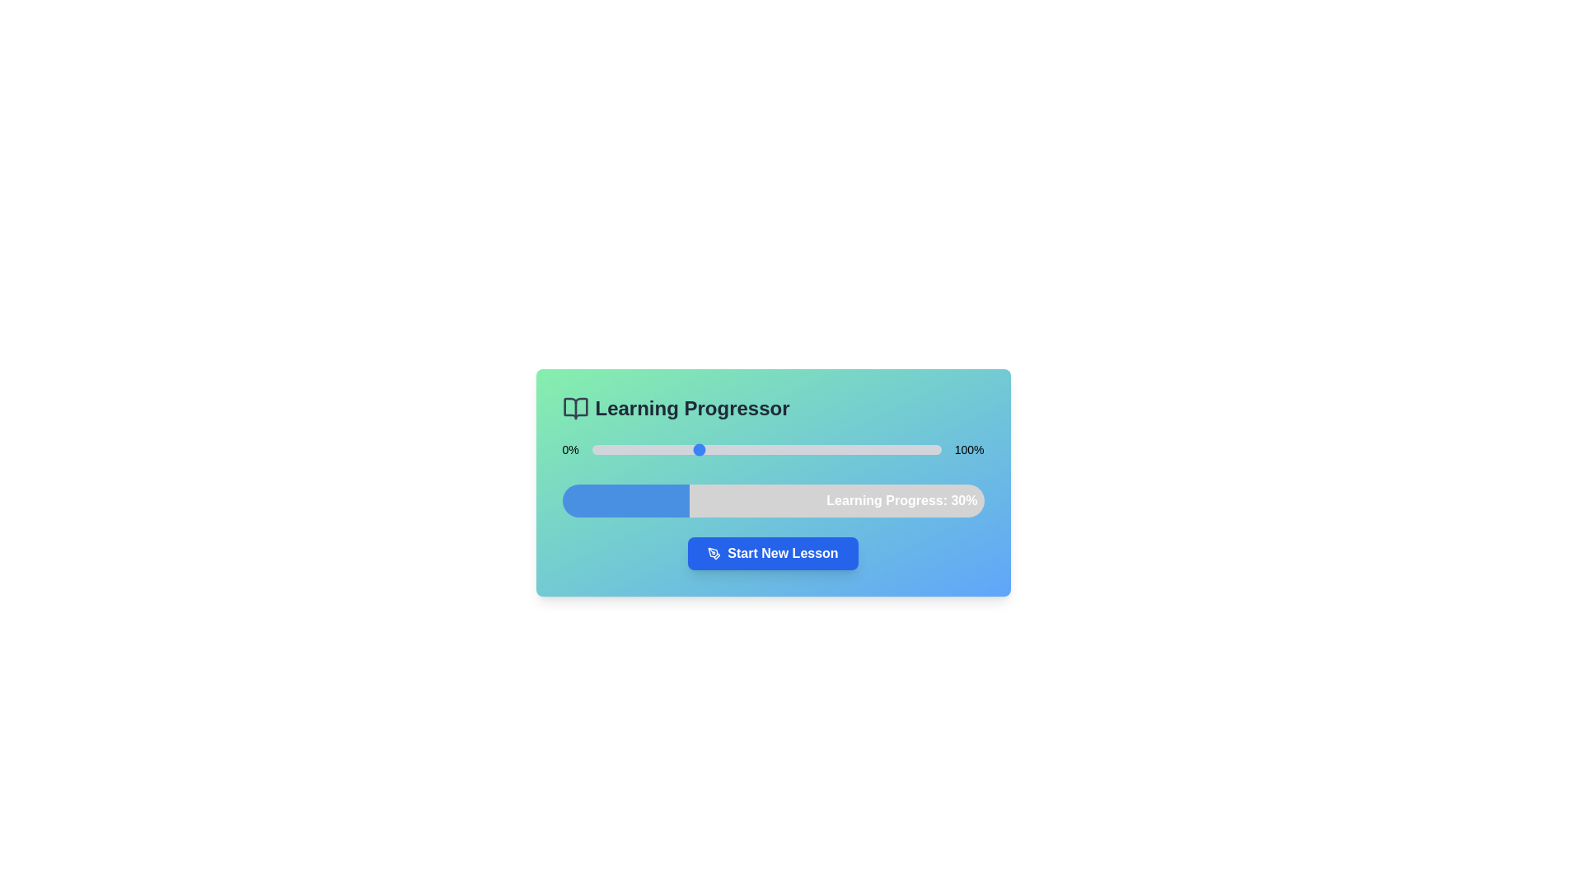 The width and height of the screenshot is (1582, 890). Describe the element at coordinates (721, 450) in the screenshot. I see `the slider to set the learning progress to 37%` at that location.